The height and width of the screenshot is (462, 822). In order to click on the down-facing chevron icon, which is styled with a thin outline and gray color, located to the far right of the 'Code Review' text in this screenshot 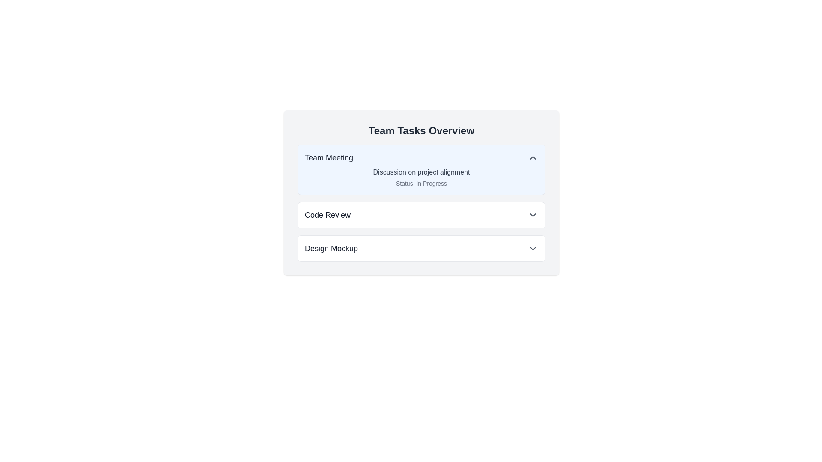, I will do `click(532, 214)`.